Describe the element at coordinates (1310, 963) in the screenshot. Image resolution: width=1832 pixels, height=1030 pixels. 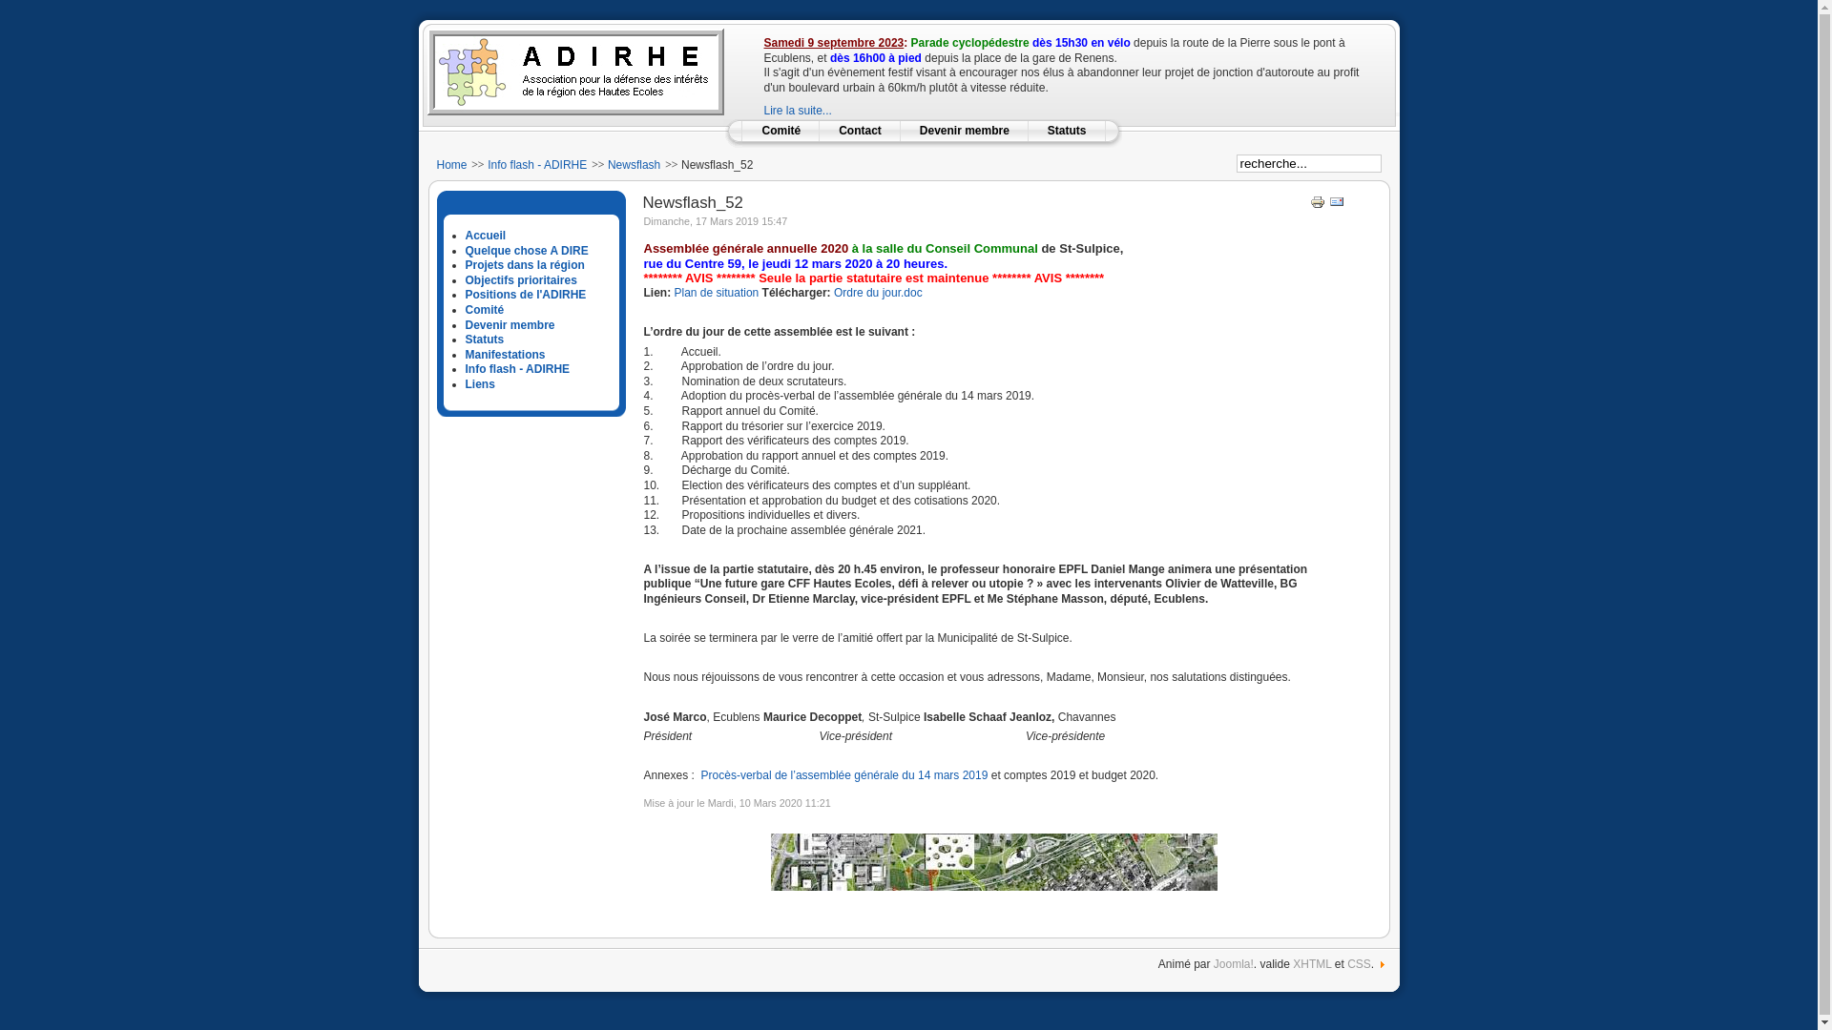
I see `'XHTML'` at that location.